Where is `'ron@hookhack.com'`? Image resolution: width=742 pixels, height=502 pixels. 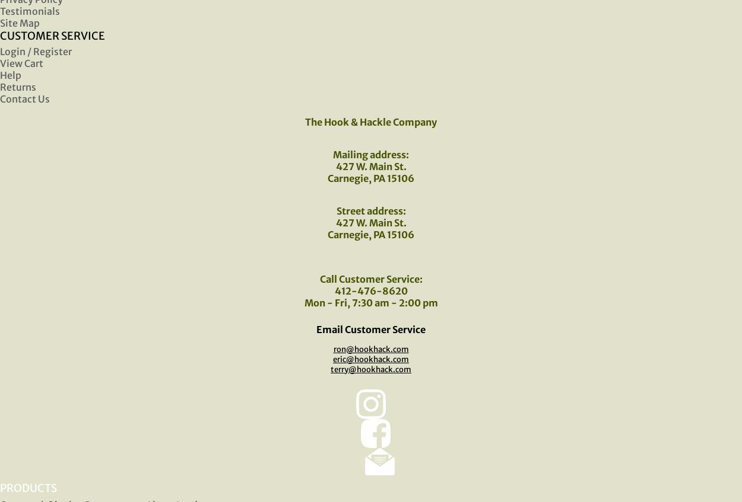 'ron@hookhack.com' is located at coordinates (333, 348).